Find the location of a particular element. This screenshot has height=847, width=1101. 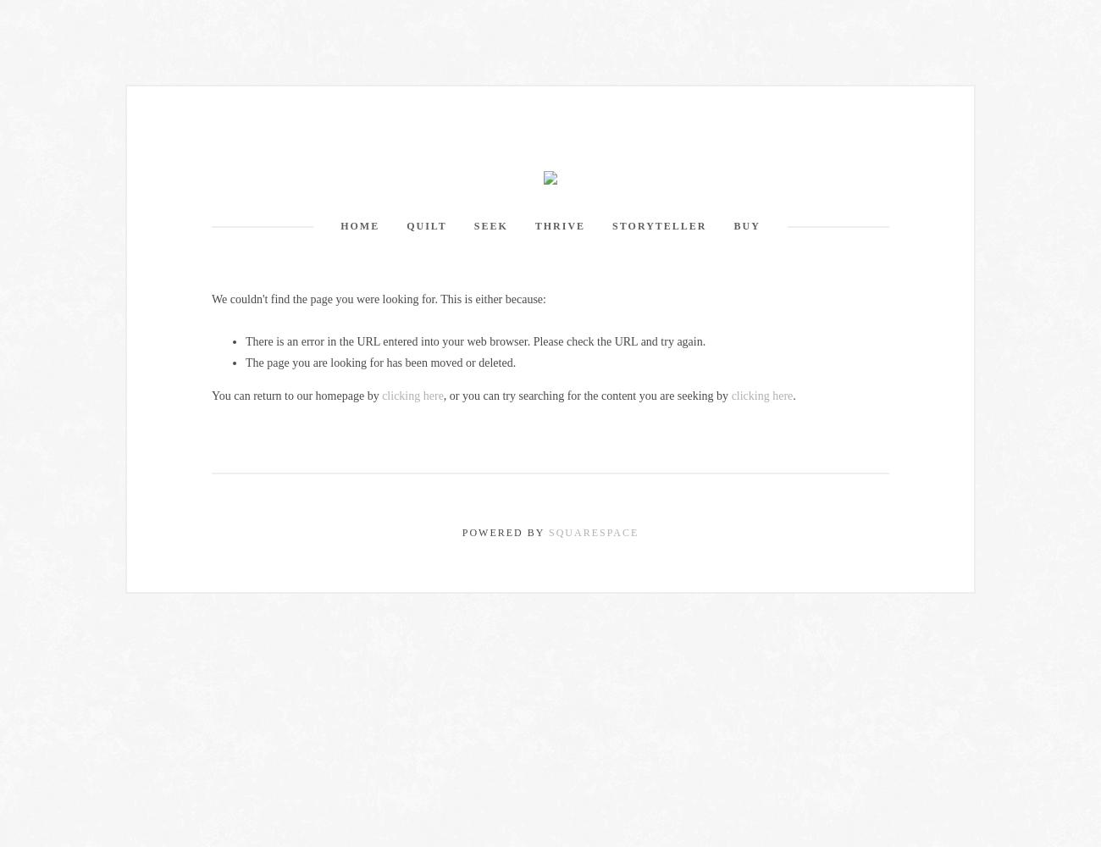

'Buy' is located at coordinates (745, 226).